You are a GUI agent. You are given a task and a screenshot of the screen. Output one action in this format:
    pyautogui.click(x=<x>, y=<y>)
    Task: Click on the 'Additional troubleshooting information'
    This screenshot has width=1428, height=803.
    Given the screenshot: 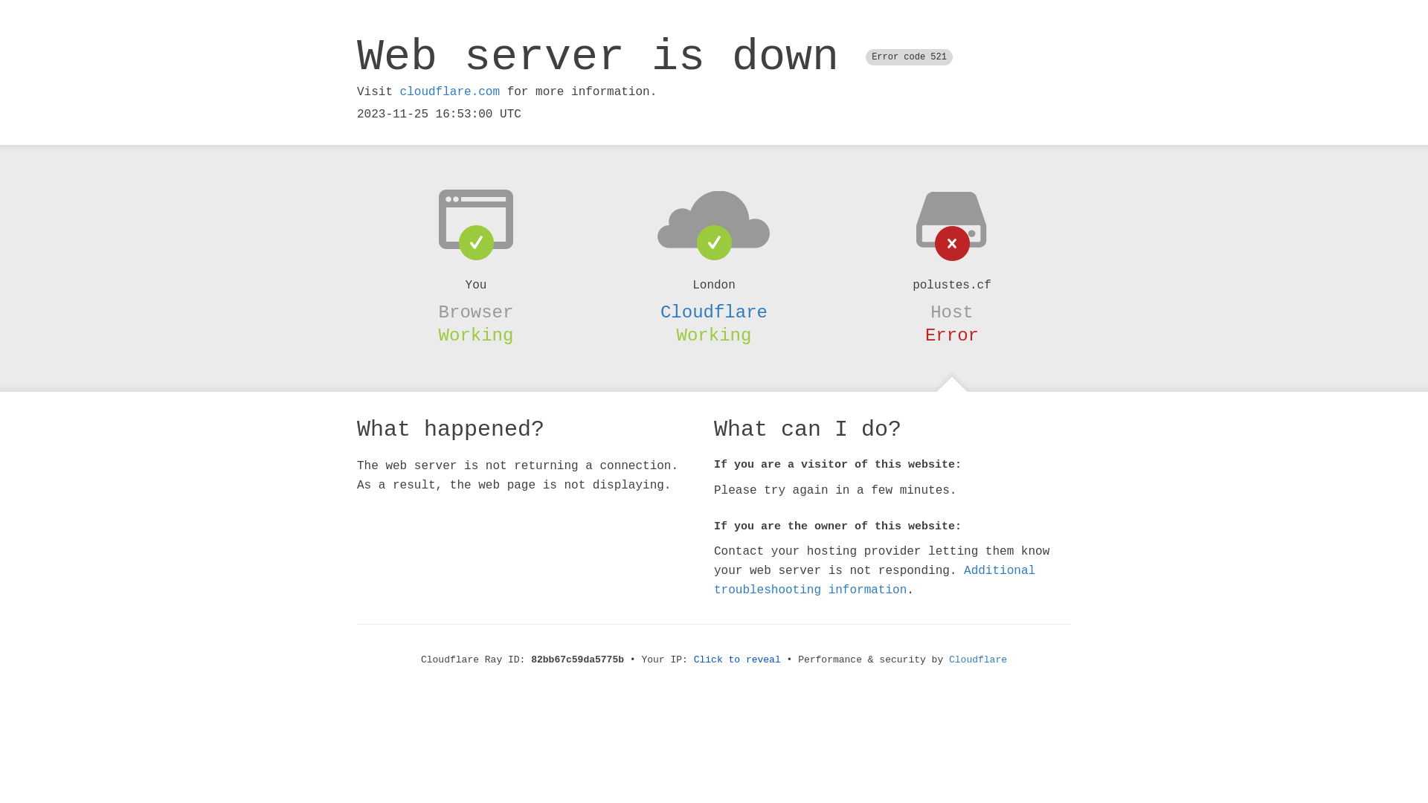 What is the action you would take?
    pyautogui.click(x=875, y=579)
    